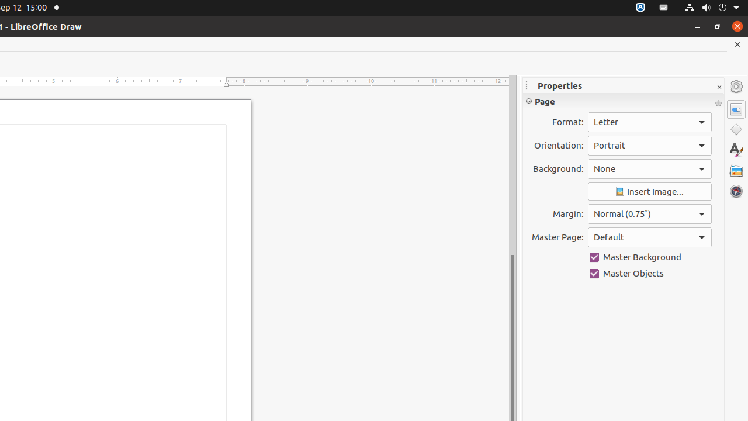 This screenshot has width=748, height=421. What do you see at coordinates (649, 144) in the screenshot?
I see `'Orientation:'` at bounding box center [649, 144].